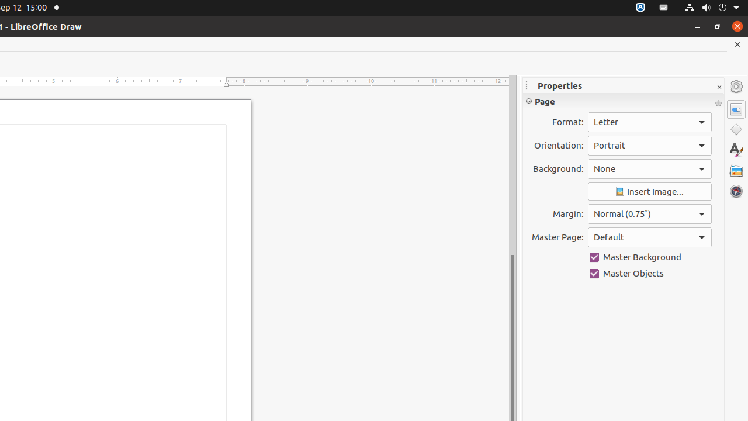 This screenshot has width=748, height=421. What do you see at coordinates (649, 144) in the screenshot?
I see `'Orientation:'` at bounding box center [649, 144].